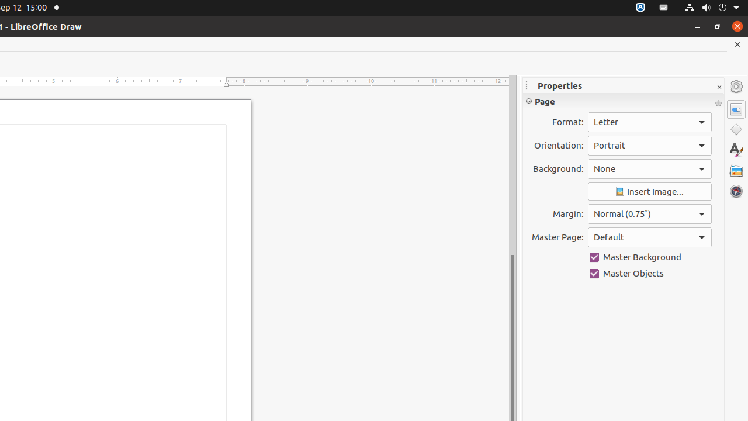 This screenshot has width=748, height=421. What do you see at coordinates (649, 144) in the screenshot?
I see `'Orientation:'` at bounding box center [649, 144].